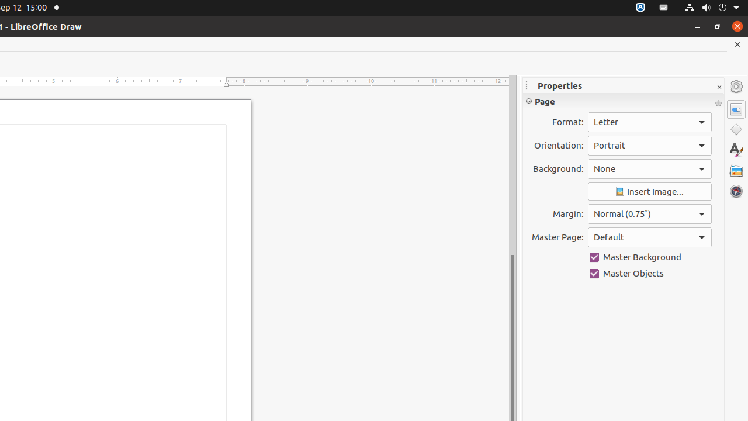 This screenshot has width=748, height=421. What do you see at coordinates (649, 144) in the screenshot?
I see `'Orientation:'` at bounding box center [649, 144].